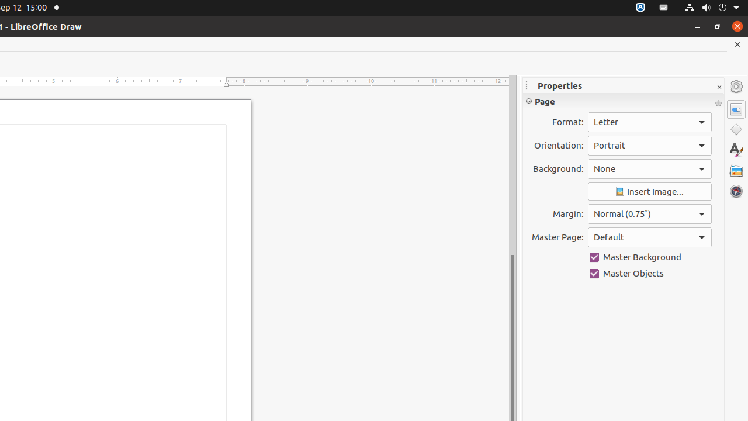 This screenshot has width=748, height=421. What do you see at coordinates (649, 144) in the screenshot?
I see `'Orientation:'` at bounding box center [649, 144].